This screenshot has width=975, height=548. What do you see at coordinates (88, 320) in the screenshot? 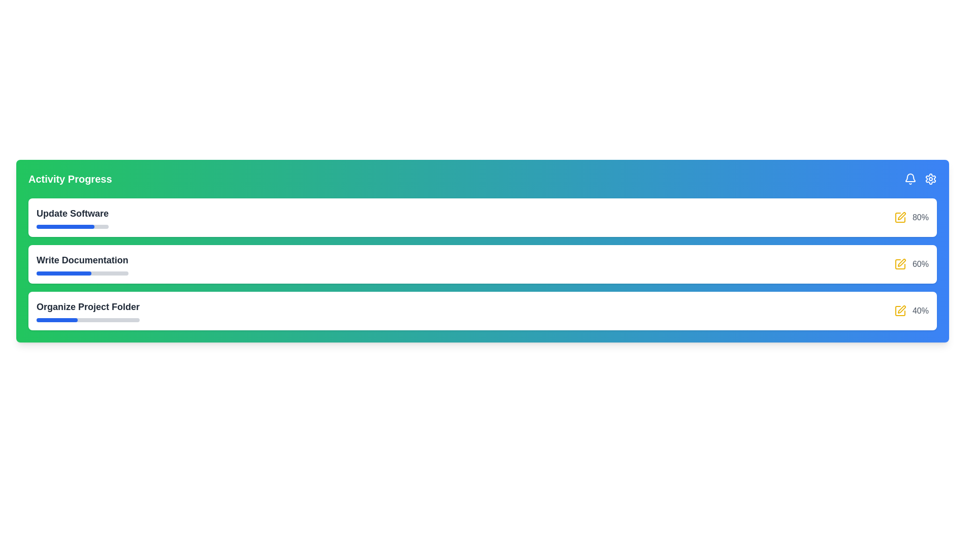
I see `the progress bar located in the lower portion of the card associated with the 'Organize Project Folder' section, which shows 40% completion` at bounding box center [88, 320].